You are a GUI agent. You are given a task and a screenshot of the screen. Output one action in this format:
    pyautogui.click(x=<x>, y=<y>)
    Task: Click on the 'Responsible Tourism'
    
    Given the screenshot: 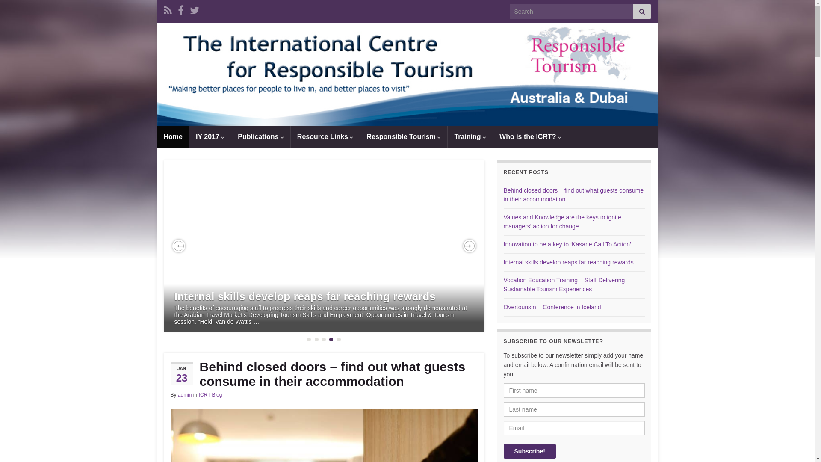 What is the action you would take?
    pyautogui.click(x=360, y=136)
    